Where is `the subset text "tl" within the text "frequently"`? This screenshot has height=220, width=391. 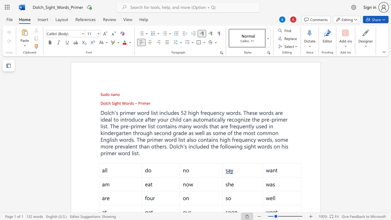
the subset text "tl" within the text "frequently" is located at coordinates (248, 126).